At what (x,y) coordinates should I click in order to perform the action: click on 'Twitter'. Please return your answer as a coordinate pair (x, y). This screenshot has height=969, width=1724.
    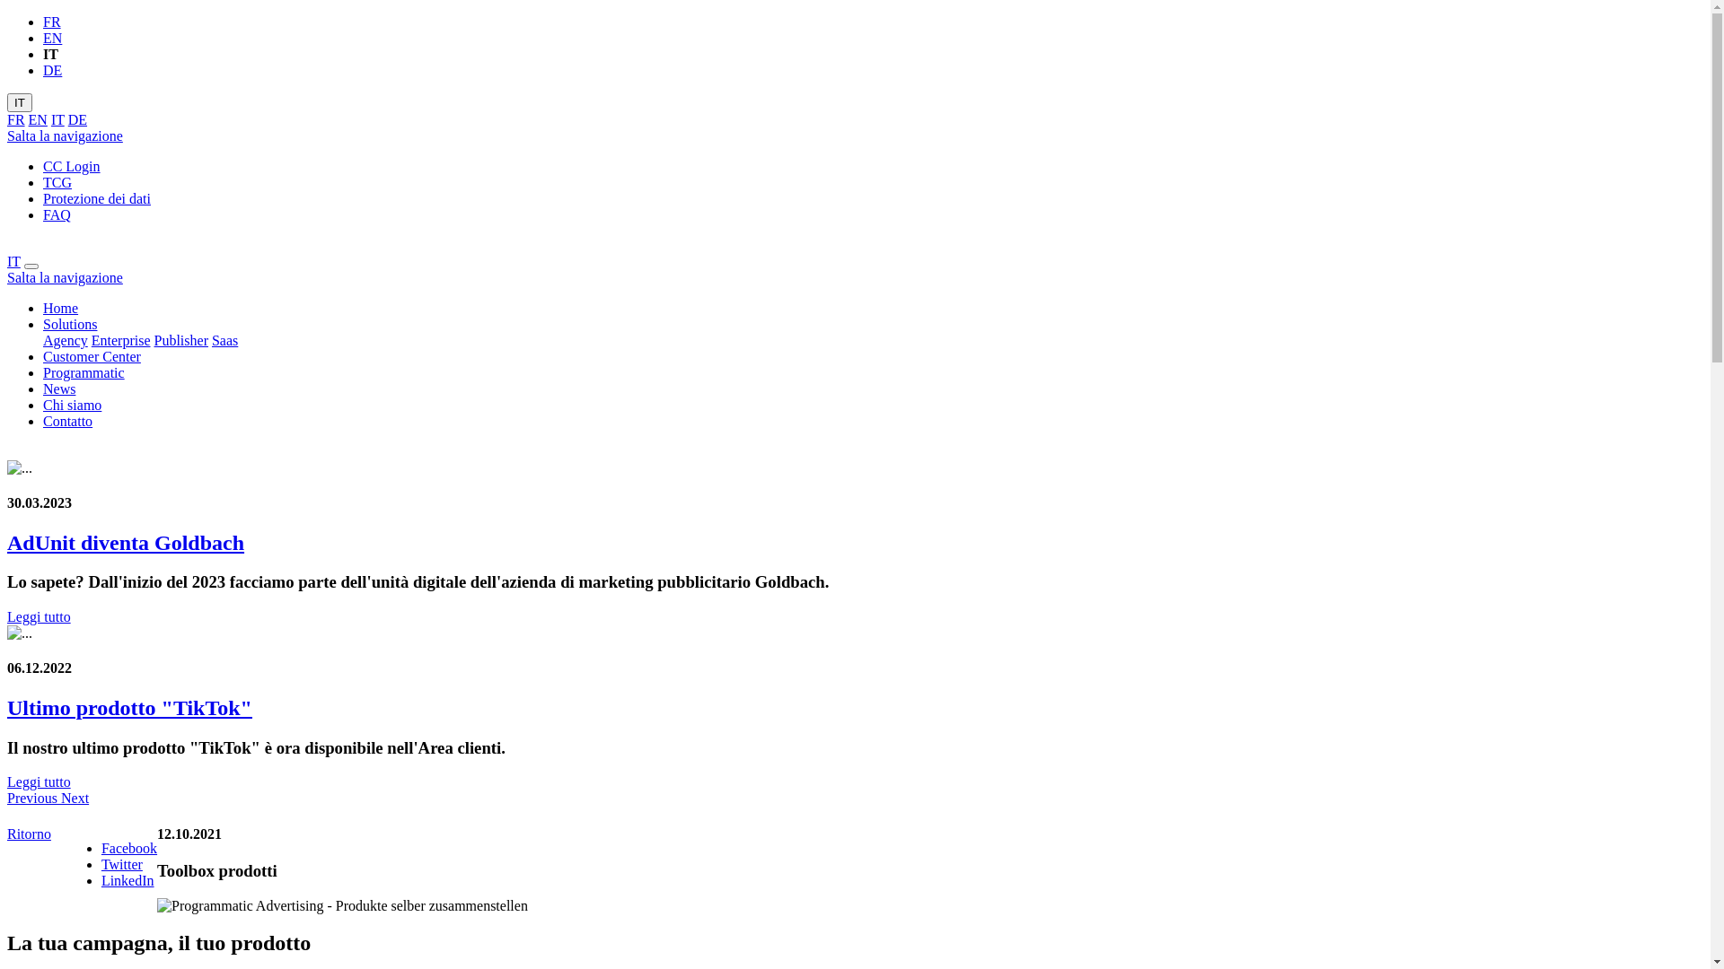
    Looking at the image, I should click on (120, 863).